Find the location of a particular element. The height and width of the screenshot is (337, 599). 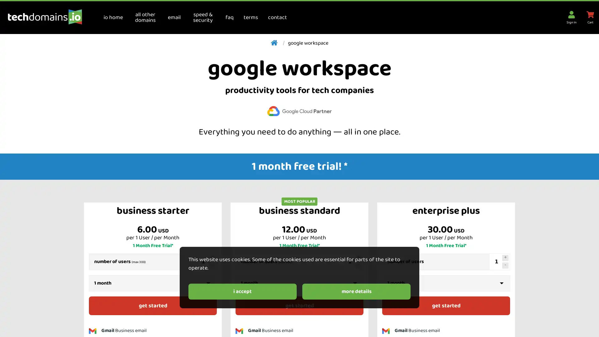

get started is located at coordinates (153, 305).